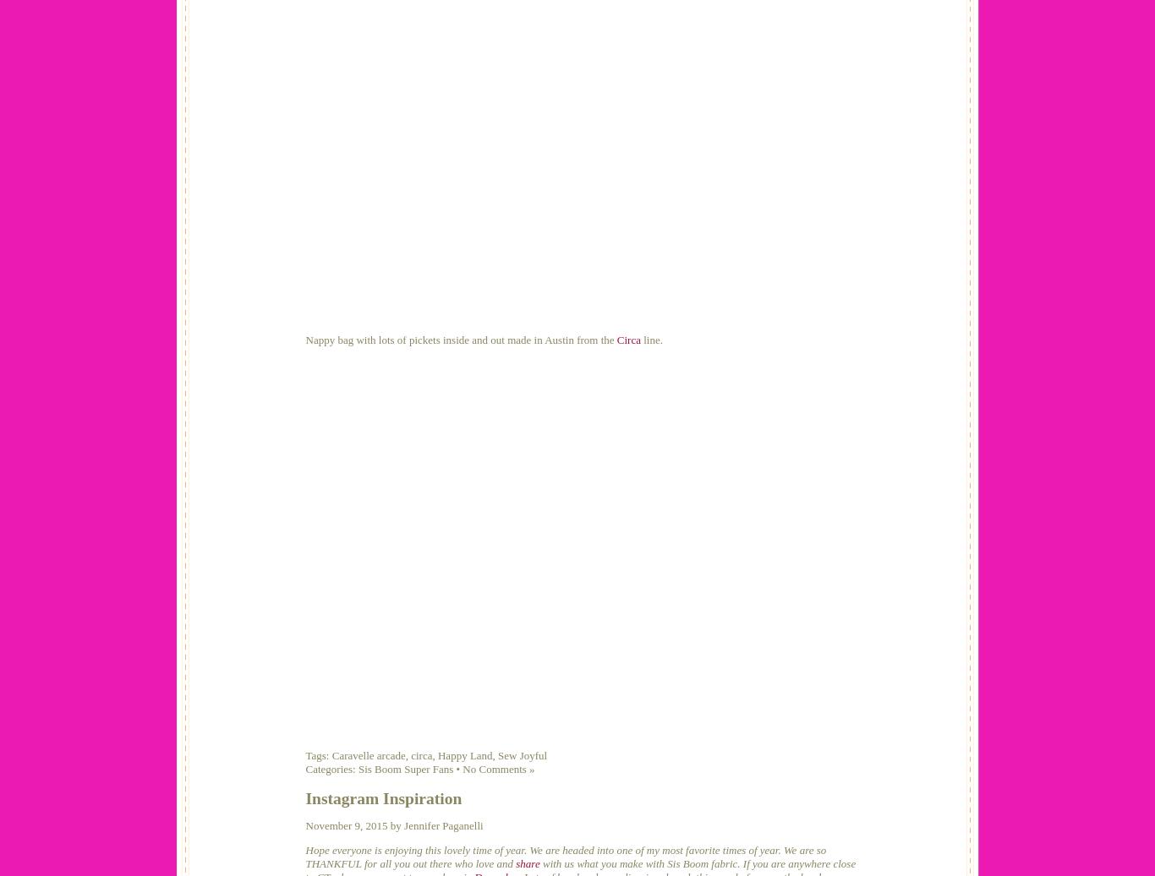  Describe the element at coordinates (304, 797) in the screenshot. I see `'Instagram Inspiration'` at that location.